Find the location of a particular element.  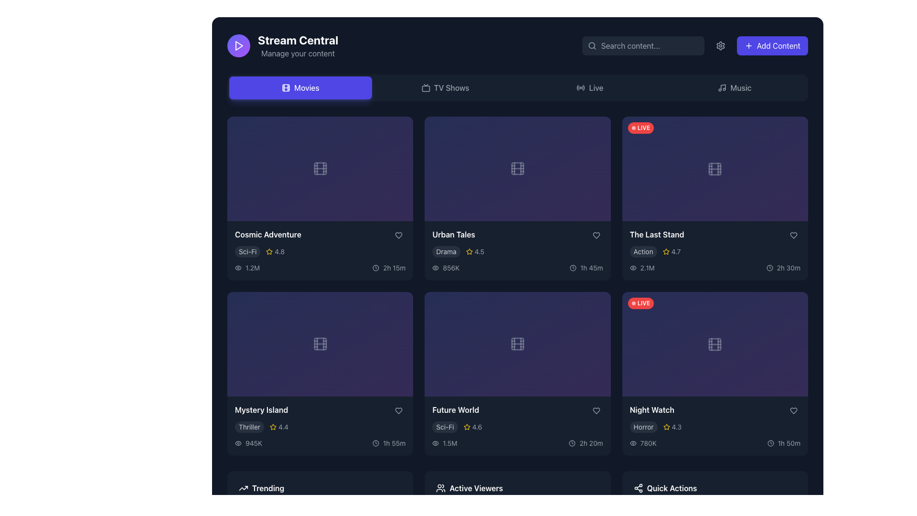

the search icon located inside the search bar at the top-right corner of the interface to initiate a search is located at coordinates (591, 46).